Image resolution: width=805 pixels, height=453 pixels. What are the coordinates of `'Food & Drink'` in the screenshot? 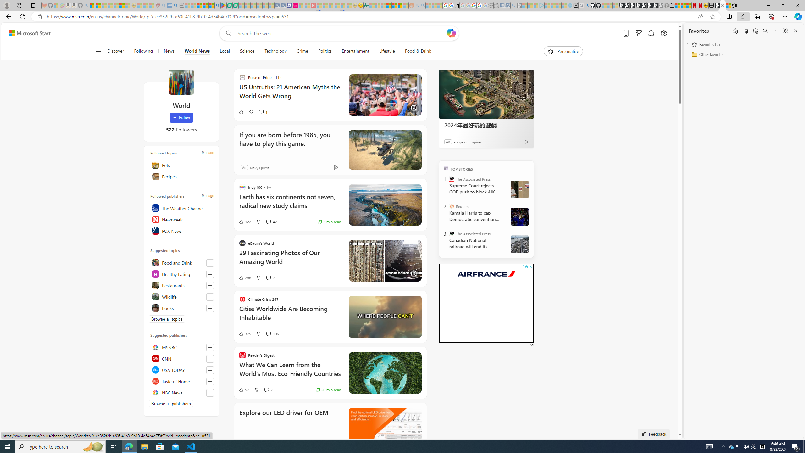 It's located at (415, 51).